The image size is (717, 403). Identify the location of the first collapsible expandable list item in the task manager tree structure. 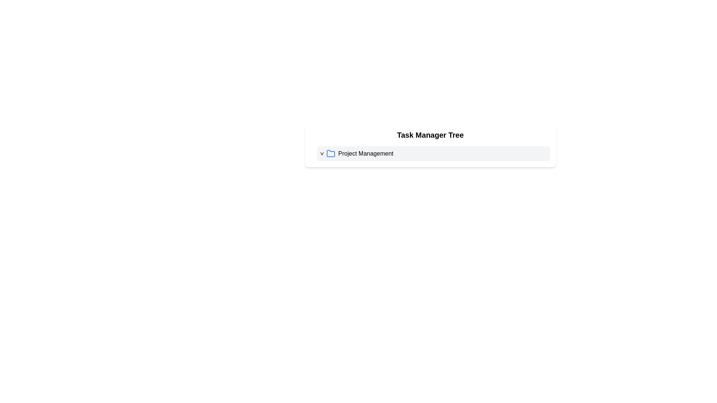
(433, 153).